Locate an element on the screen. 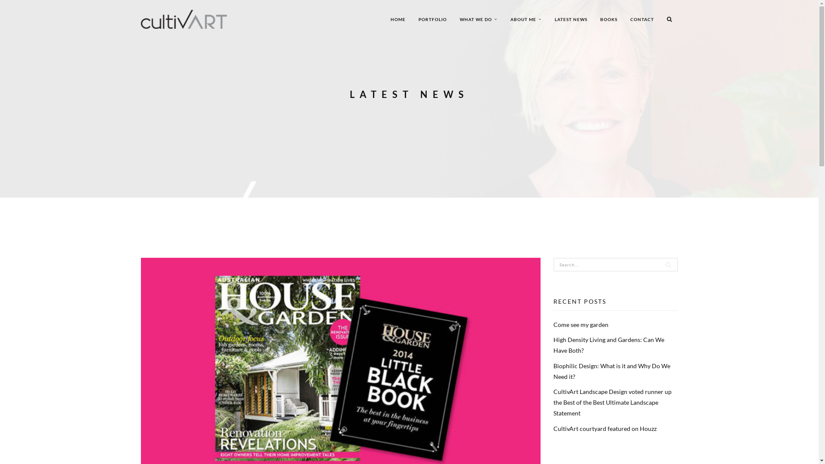  'BOOKS' is located at coordinates (608, 19).